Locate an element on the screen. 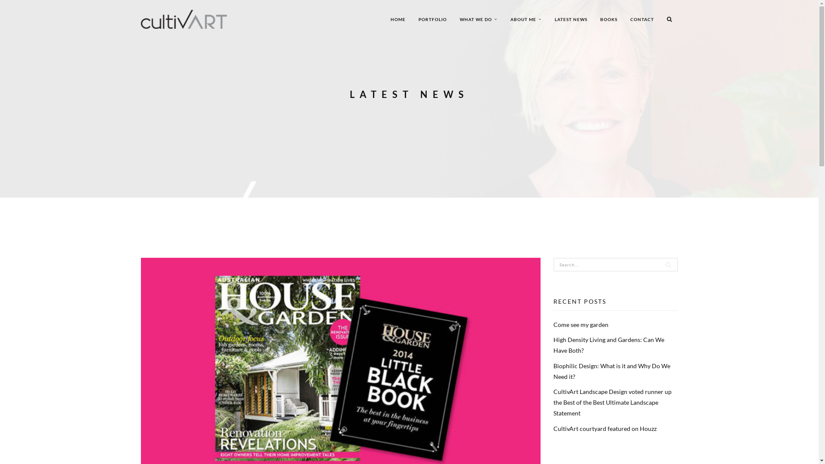  'BOOKS' is located at coordinates (608, 19).